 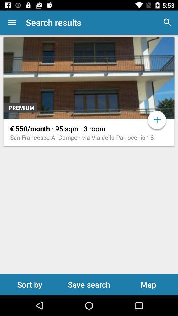 I want to click on item next to save search item, so click(x=29, y=284).